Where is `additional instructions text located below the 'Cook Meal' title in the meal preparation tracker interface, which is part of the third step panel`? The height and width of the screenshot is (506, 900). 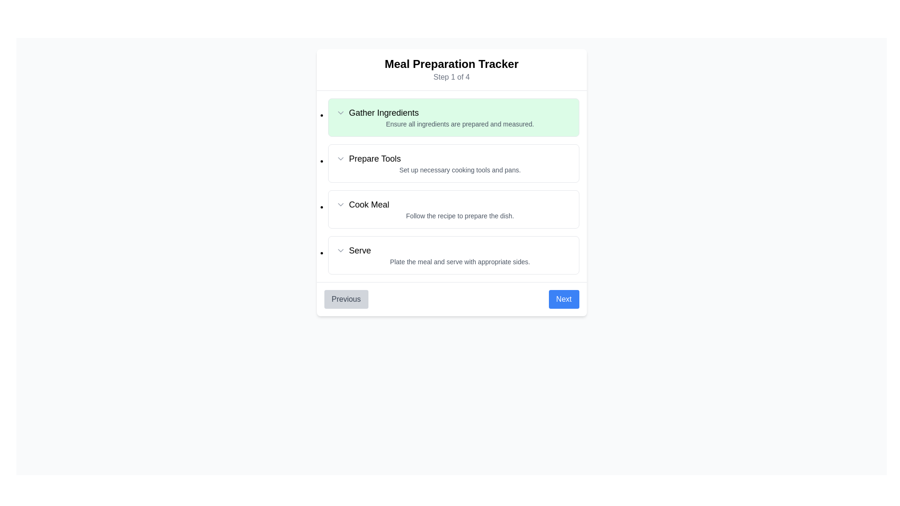 additional instructions text located below the 'Cook Meal' title in the meal preparation tracker interface, which is part of the third step panel is located at coordinates (460, 216).